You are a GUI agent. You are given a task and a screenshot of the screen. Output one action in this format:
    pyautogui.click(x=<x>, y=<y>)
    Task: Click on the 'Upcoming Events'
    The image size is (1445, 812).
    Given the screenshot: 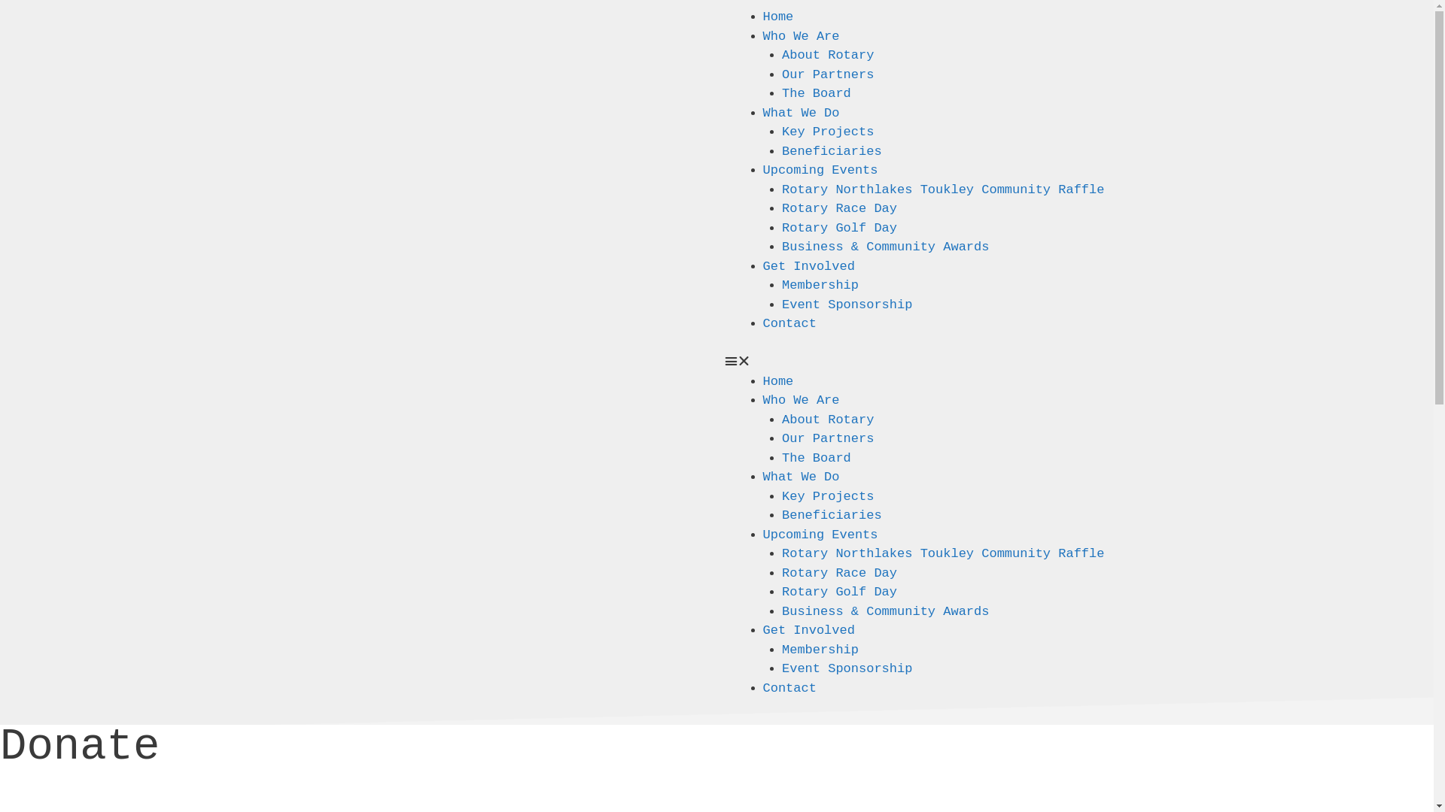 What is the action you would take?
    pyautogui.click(x=820, y=169)
    